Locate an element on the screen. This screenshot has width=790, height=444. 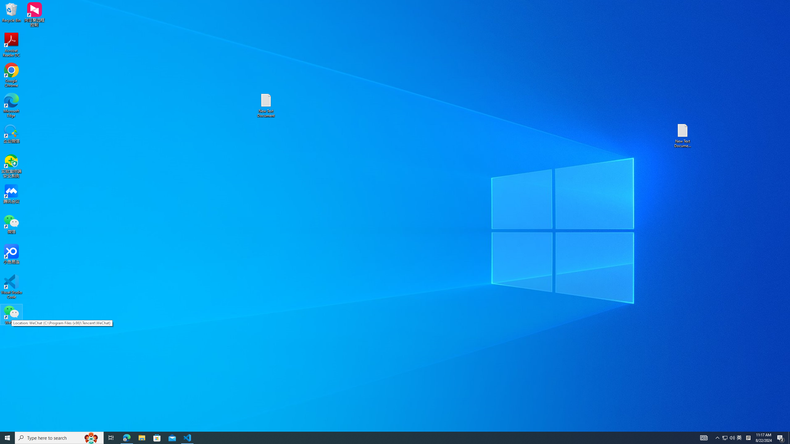
'Q2790: 100%' is located at coordinates (732, 437).